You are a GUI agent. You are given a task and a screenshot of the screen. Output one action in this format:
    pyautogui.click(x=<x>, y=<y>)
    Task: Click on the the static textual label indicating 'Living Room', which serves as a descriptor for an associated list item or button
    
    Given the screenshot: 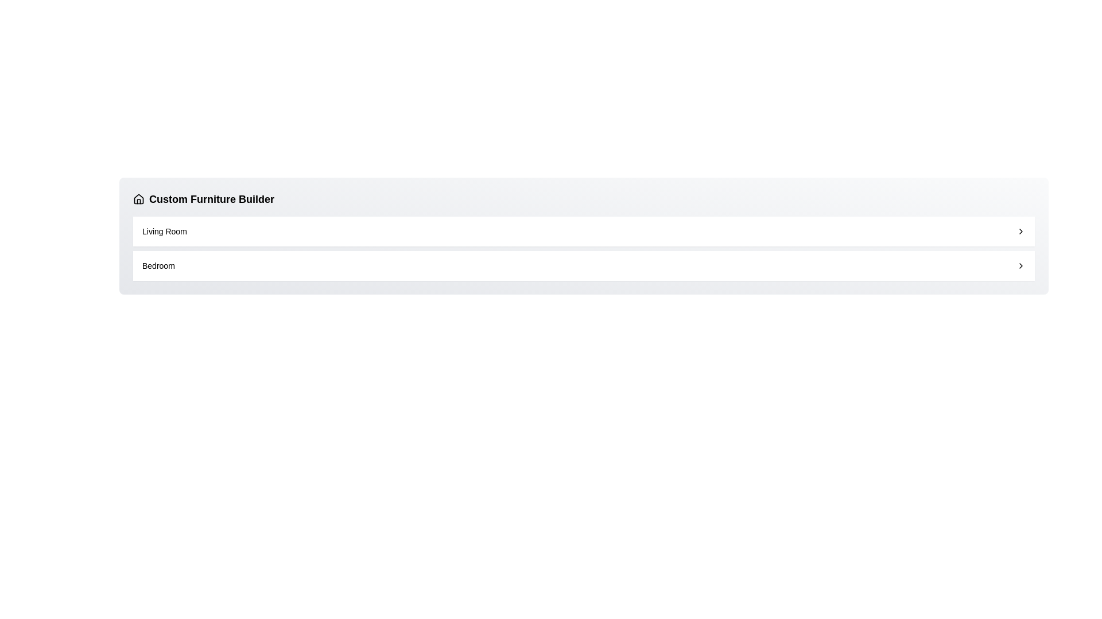 What is the action you would take?
    pyautogui.click(x=164, y=232)
    